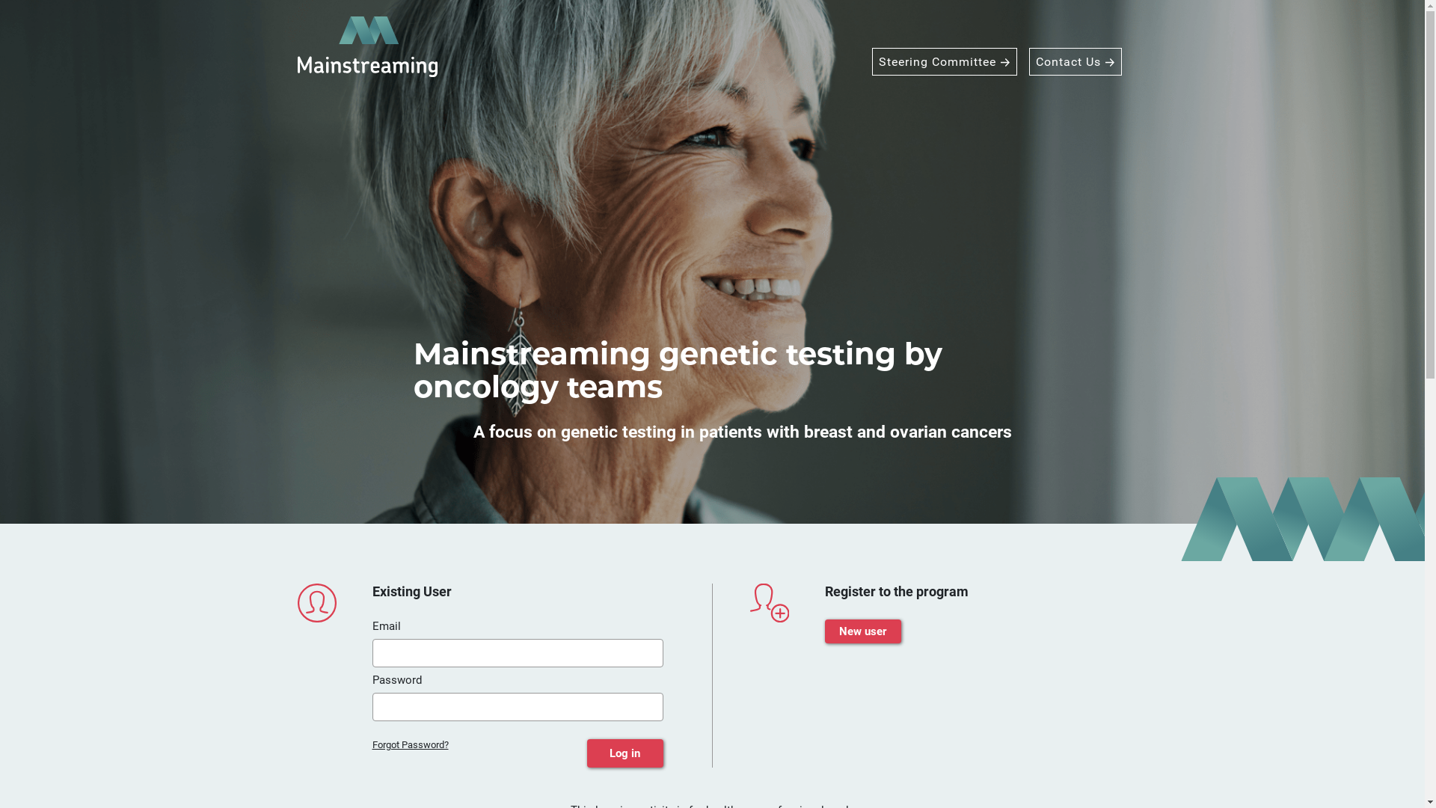 This screenshot has height=808, width=1436. Describe the element at coordinates (625, 753) in the screenshot. I see `'Log in'` at that location.